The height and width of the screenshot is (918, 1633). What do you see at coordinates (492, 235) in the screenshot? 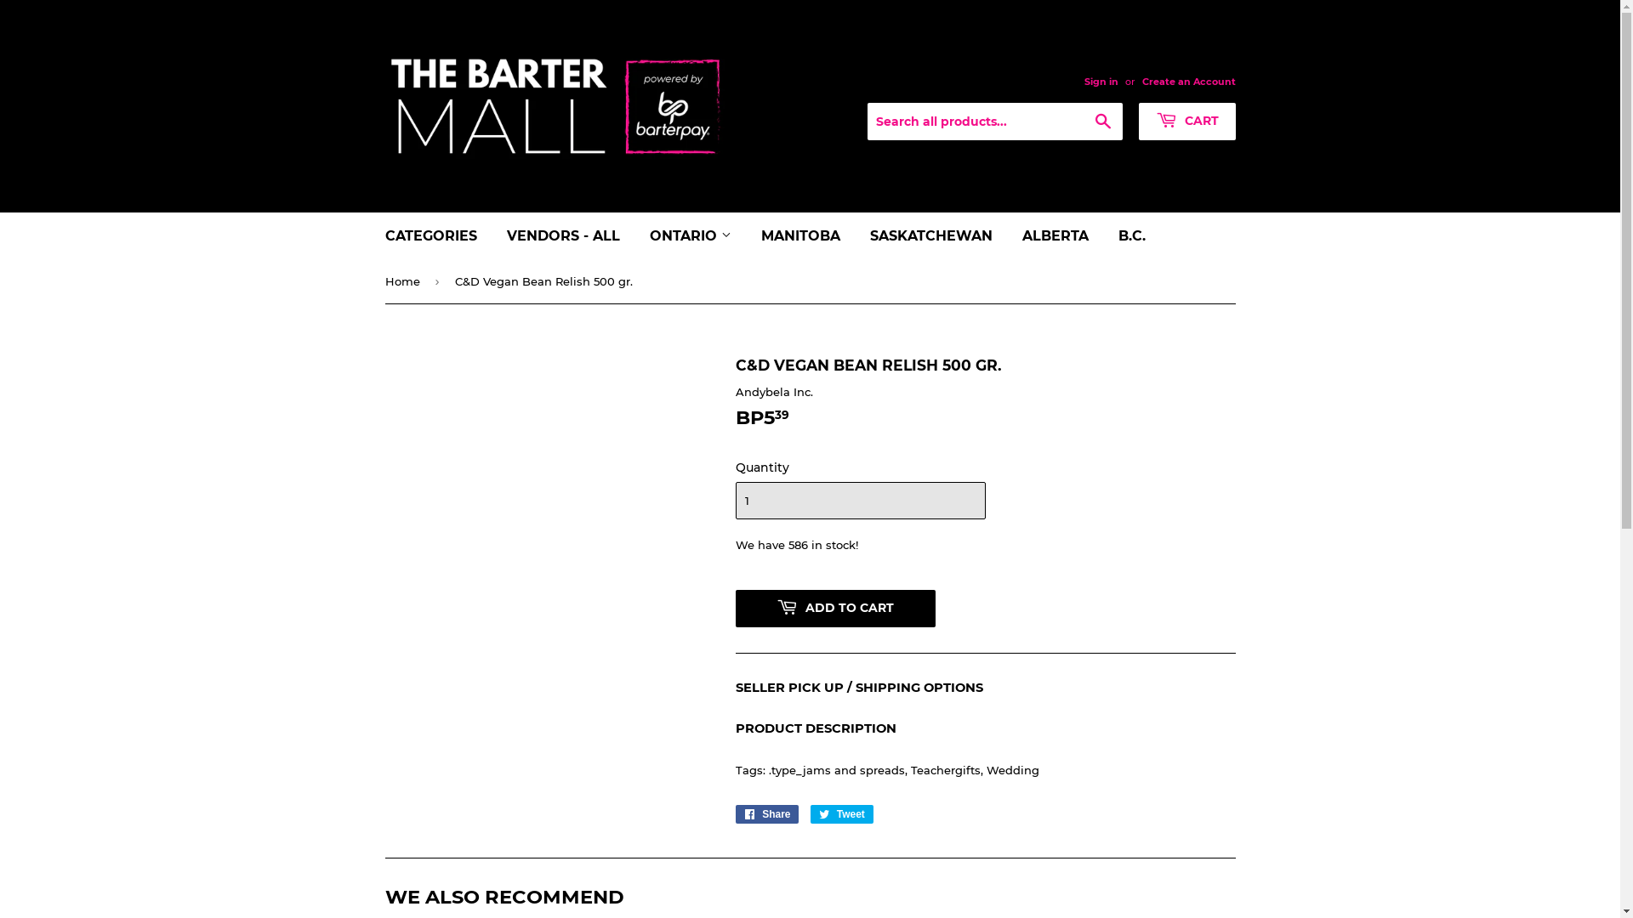
I see `'VENDORS - ALL'` at bounding box center [492, 235].